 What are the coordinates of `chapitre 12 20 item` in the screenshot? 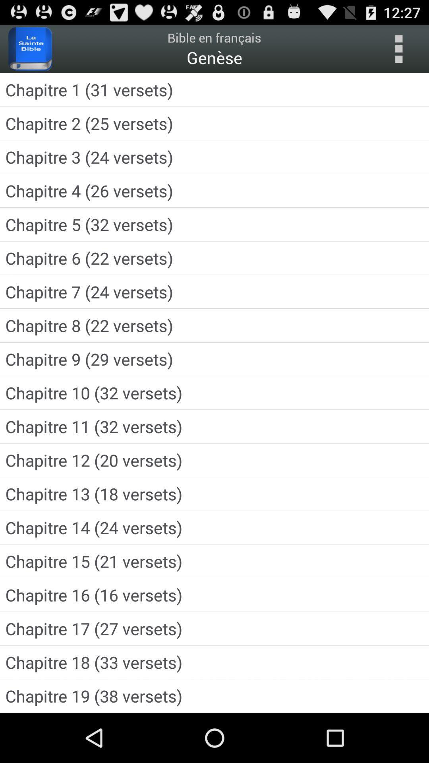 It's located at (214, 460).